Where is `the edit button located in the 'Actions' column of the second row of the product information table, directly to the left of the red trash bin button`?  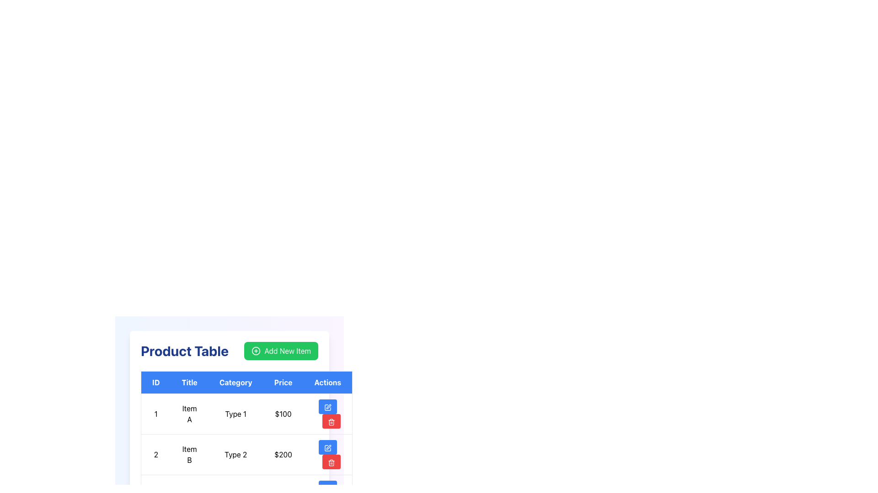
the edit button located in the 'Actions' column of the second row of the product information table, directly to the left of the red trash bin button is located at coordinates (327, 446).